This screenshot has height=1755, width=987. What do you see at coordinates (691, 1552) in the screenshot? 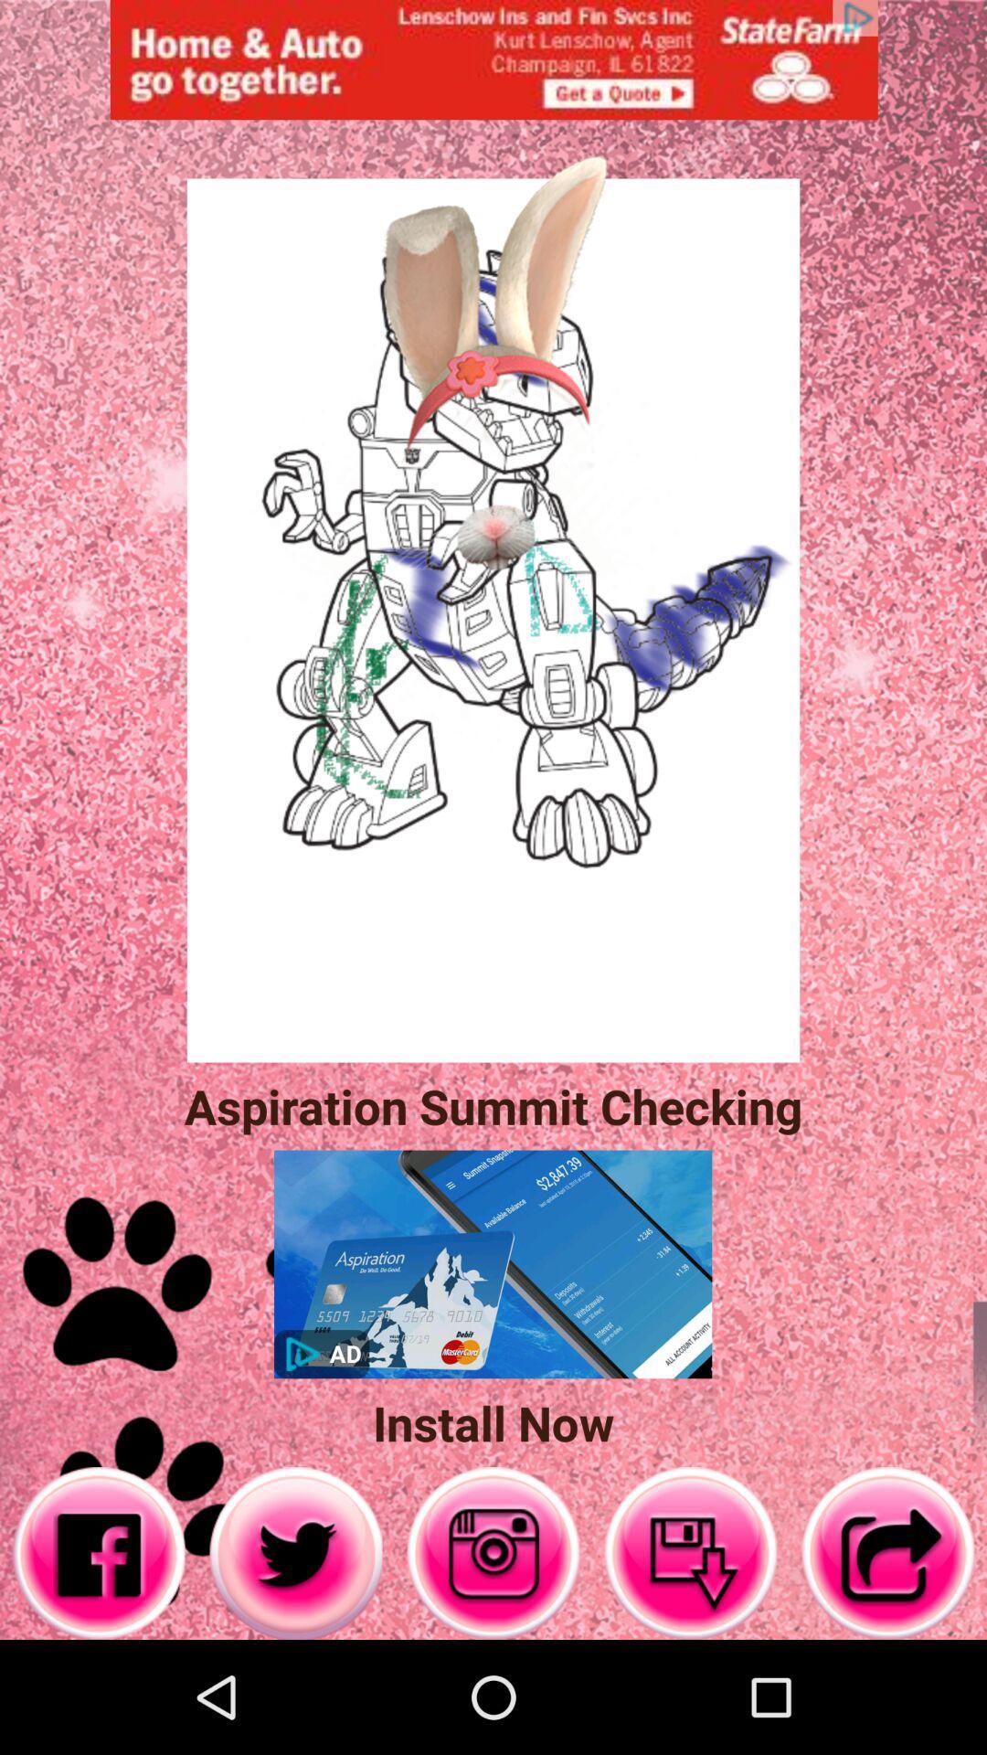
I see `save` at bounding box center [691, 1552].